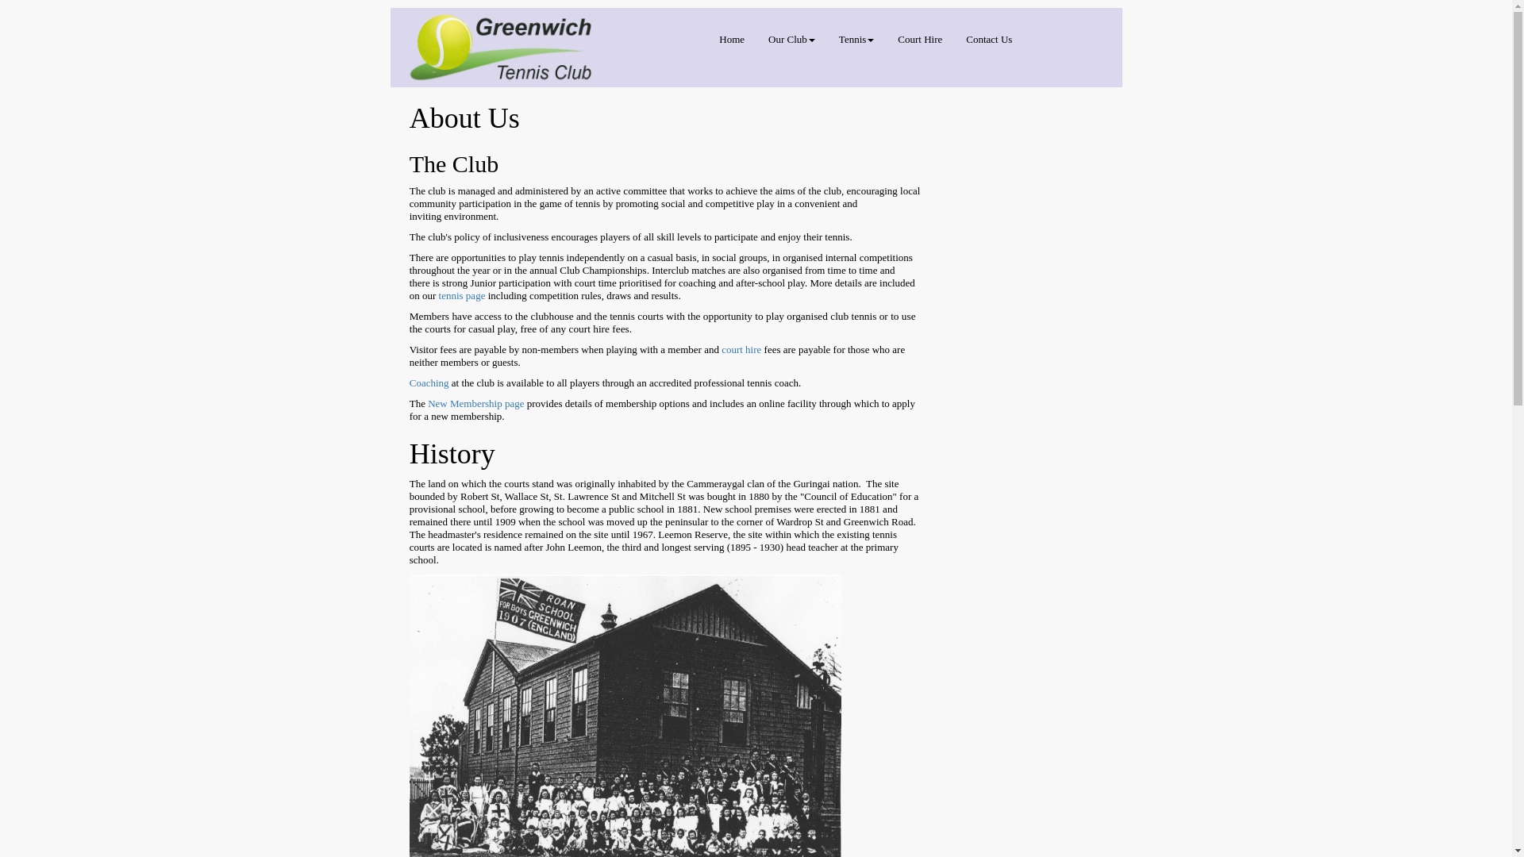  What do you see at coordinates (741, 348) in the screenshot?
I see `'court hire'` at bounding box center [741, 348].